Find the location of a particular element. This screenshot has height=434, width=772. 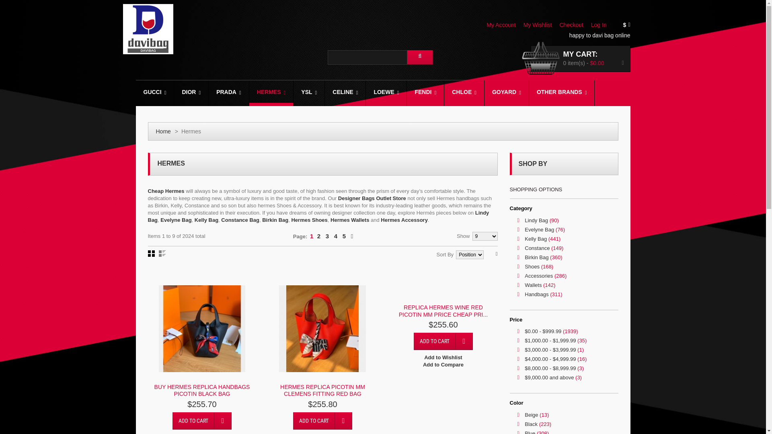

'Birkin Bag' is located at coordinates (262, 220).